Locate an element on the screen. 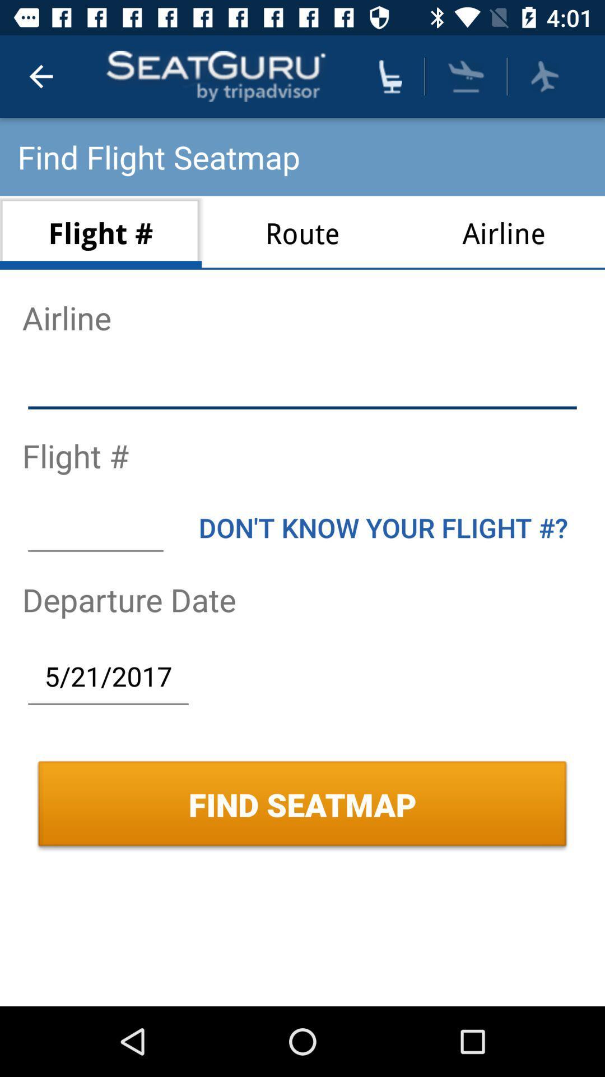  flight airline is located at coordinates (302, 386).